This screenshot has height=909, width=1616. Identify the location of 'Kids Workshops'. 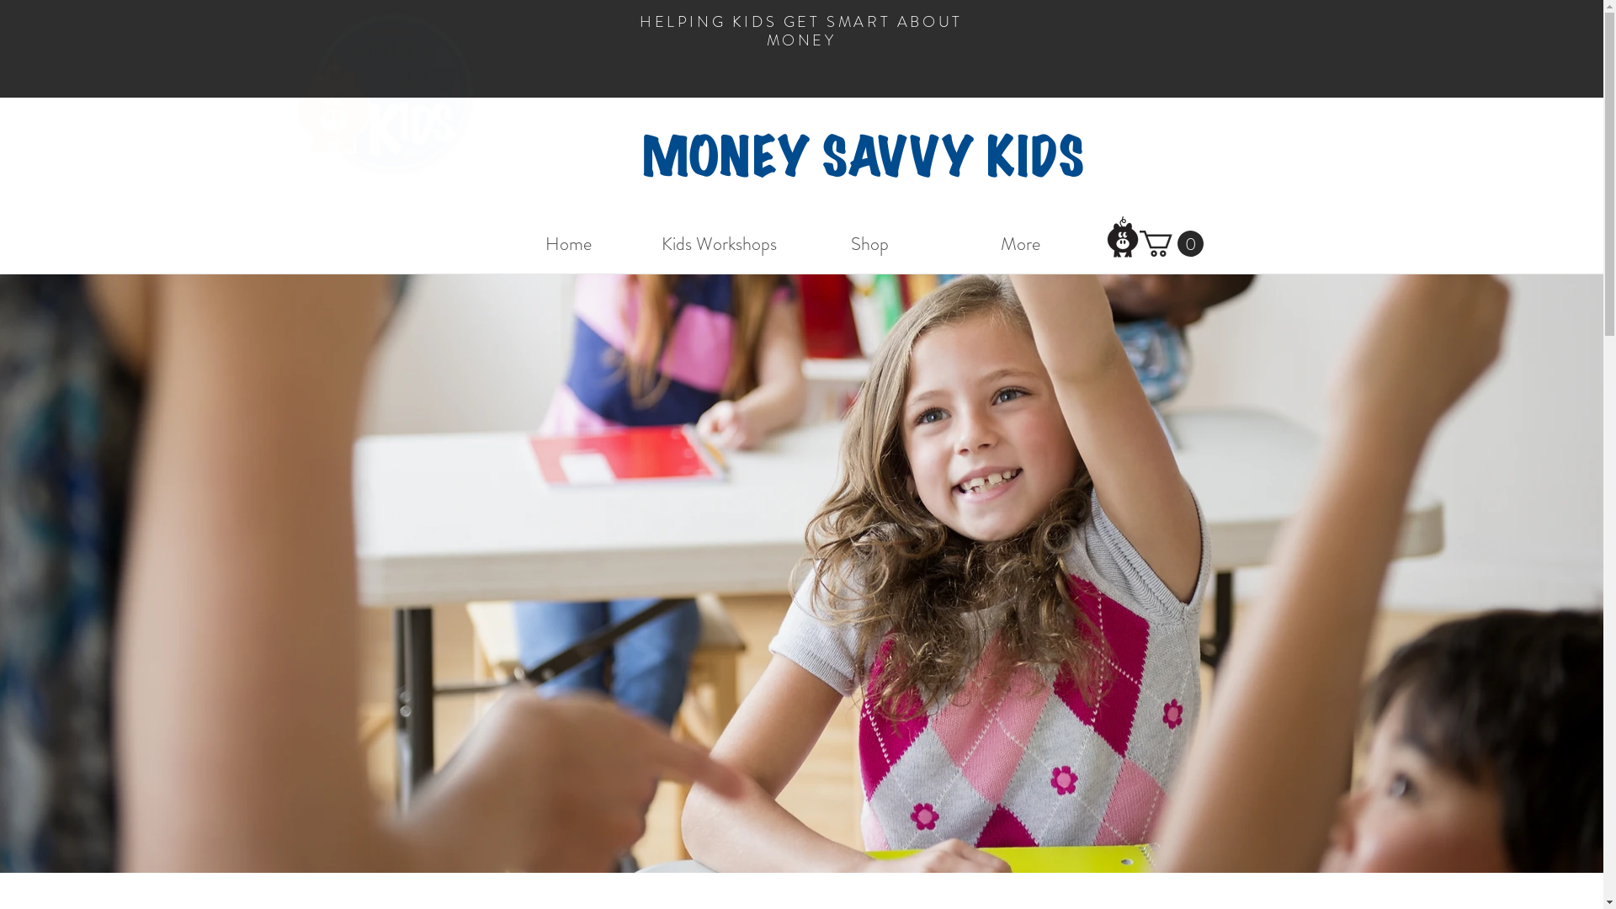
(642, 243).